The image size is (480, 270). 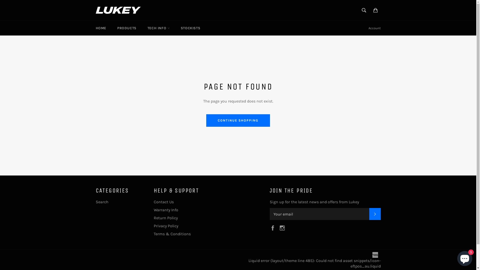 What do you see at coordinates (153, 234) in the screenshot?
I see `'Terms & Conditions'` at bounding box center [153, 234].